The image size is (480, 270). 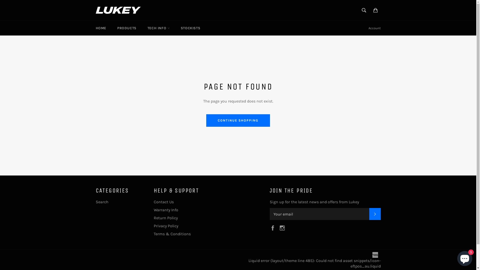 What do you see at coordinates (153, 234) in the screenshot?
I see `'Terms & Conditions'` at bounding box center [153, 234].